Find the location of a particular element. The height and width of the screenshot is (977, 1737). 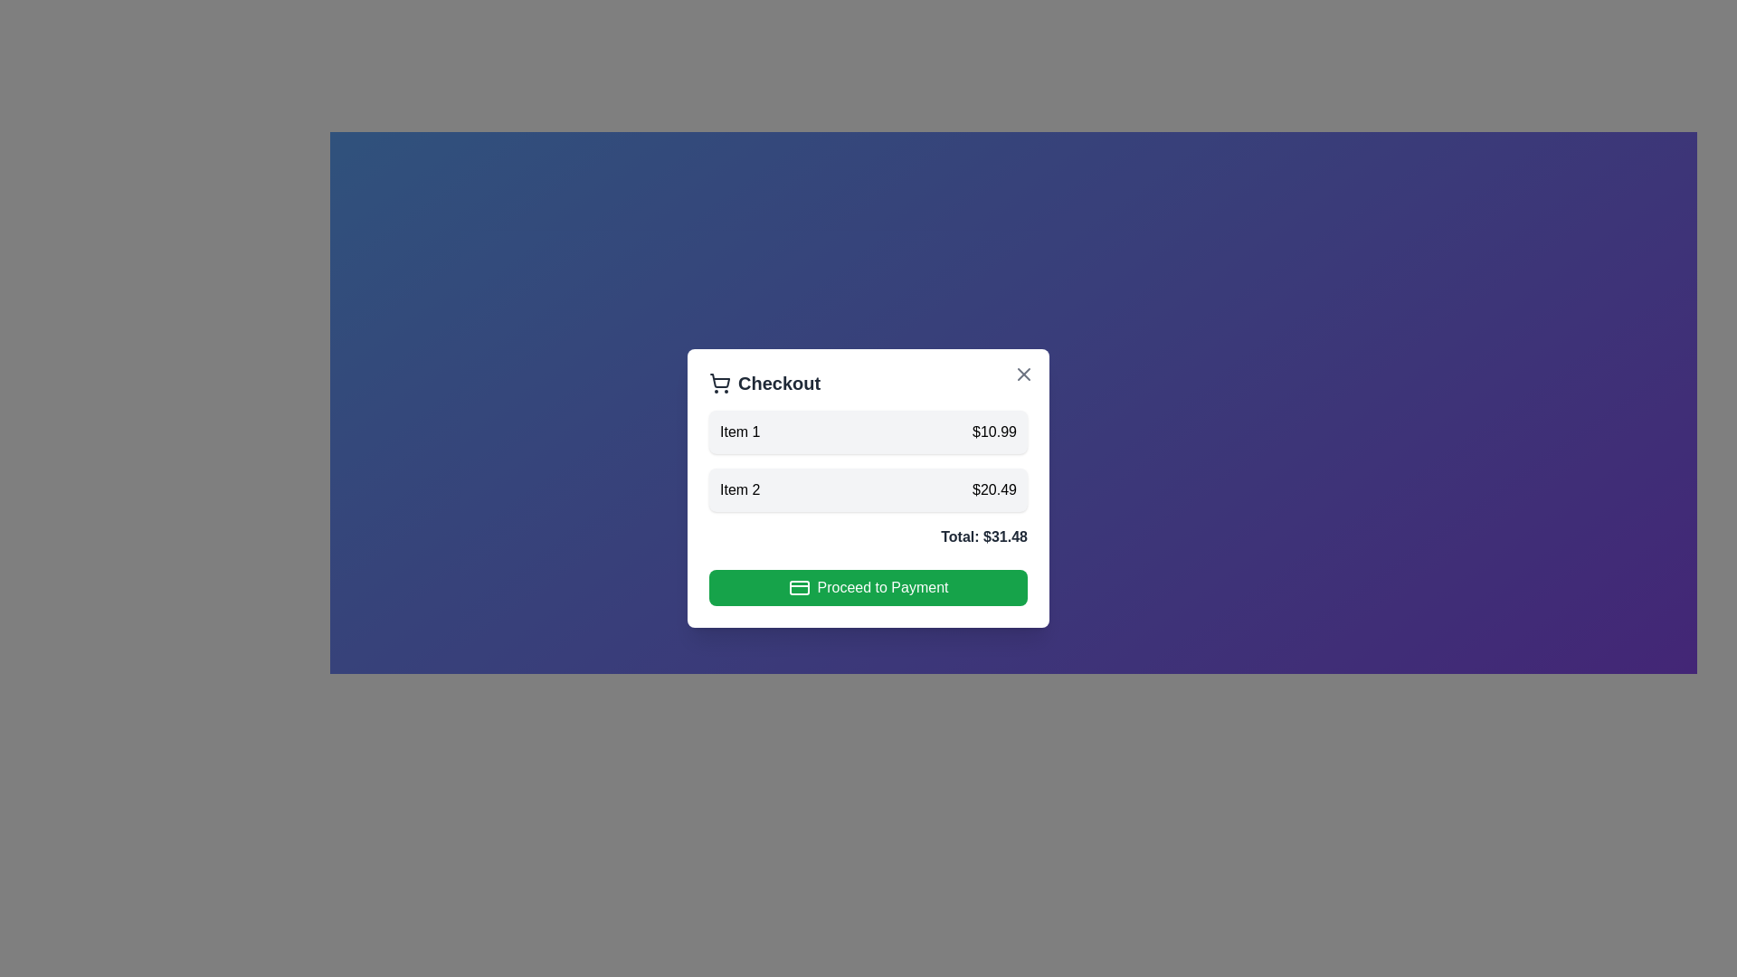

the Text label that identifies the product in the cart, located in the top row of the checkout modal, left-aligned with 'Item 1' is located at coordinates (740, 432).